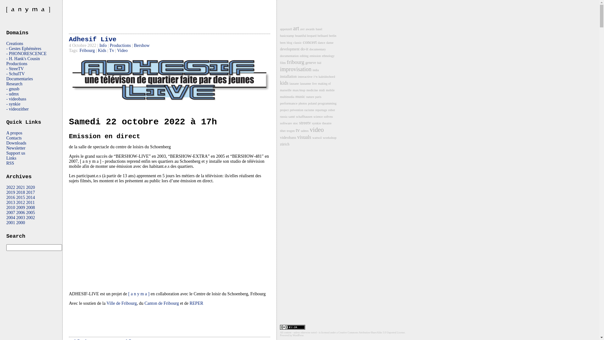 This screenshot has height=340, width=604. What do you see at coordinates (21, 202) in the screenshot?
I see `'2012'` at bounding box center [21, 202].